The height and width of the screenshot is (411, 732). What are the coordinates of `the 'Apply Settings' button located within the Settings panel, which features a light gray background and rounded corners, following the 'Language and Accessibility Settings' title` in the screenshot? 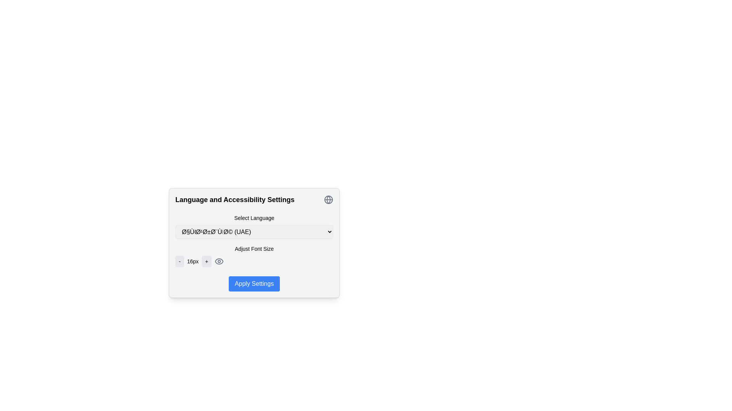 It's located at (254, 242).